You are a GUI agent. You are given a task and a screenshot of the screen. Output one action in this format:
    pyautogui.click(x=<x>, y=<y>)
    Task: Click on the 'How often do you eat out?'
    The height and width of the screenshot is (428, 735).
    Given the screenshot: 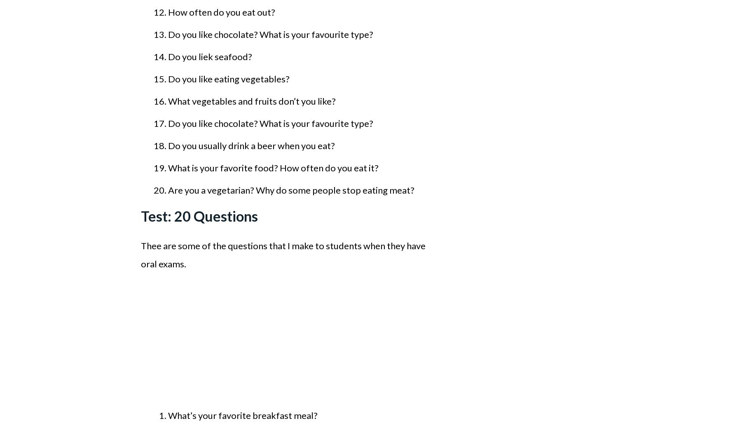 What is the action you would take?
    pyautogui.click(x=222, y=12)
    